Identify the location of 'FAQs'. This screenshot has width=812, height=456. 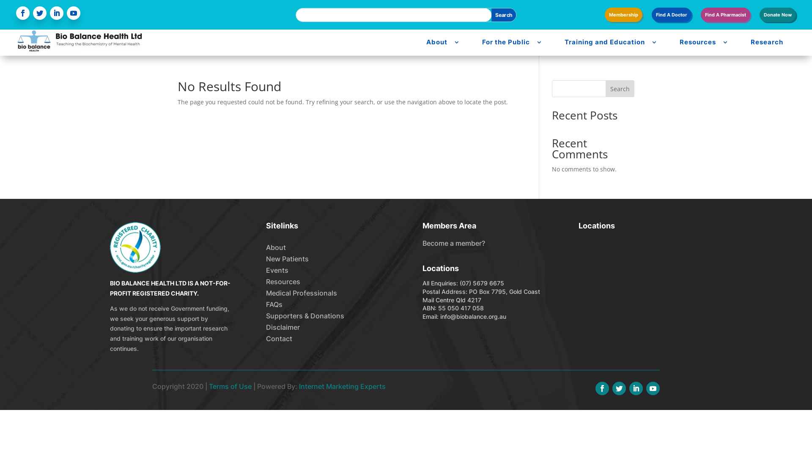
(274, 304).